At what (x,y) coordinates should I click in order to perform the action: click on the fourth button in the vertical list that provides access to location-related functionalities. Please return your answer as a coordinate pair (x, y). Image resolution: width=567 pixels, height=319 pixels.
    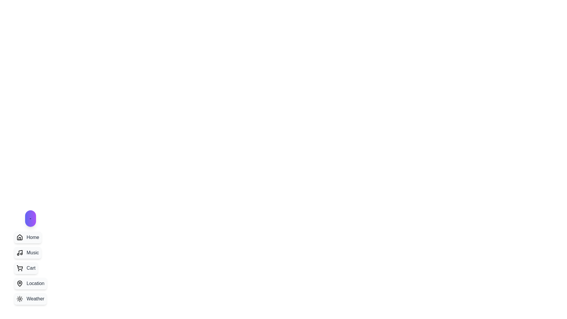
    Looking at the image, I should click on (30, 283).